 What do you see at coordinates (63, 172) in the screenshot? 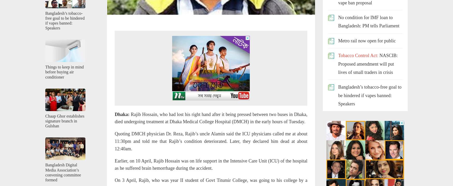
I see `'Bangladesh Digital Media Association’s convening committee formed'` at bounding box center [63, 172].